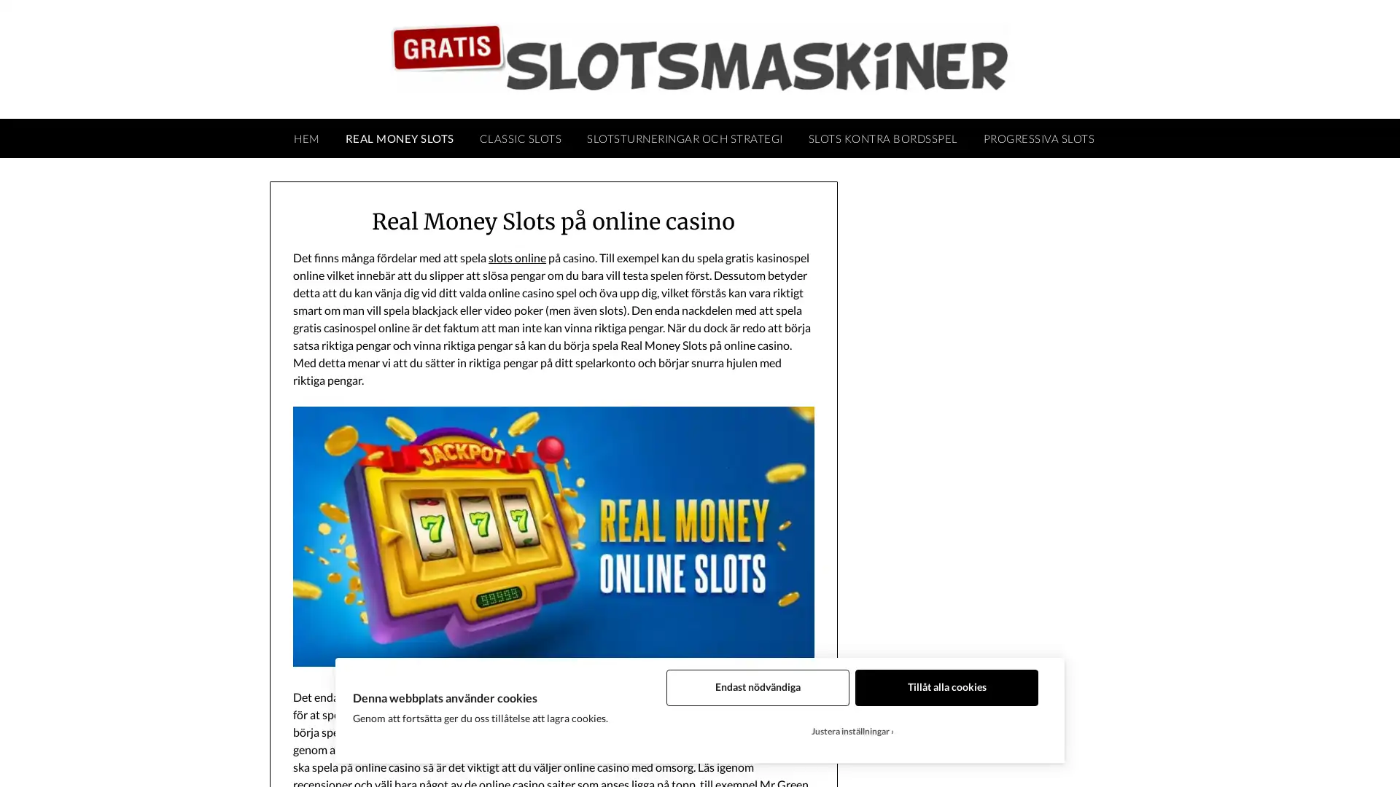  What do you see at coordinates (758, 688) in the screenshot?
I see `Endast nodvandiga` at bounding box center [758, 688].